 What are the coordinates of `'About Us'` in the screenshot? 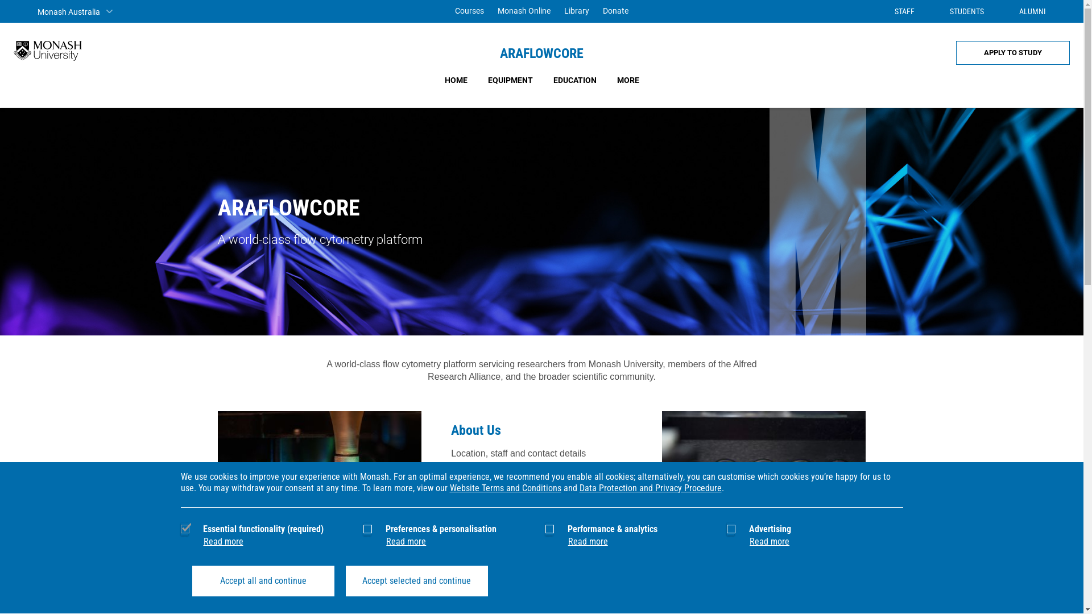 It's located at (475, 430).